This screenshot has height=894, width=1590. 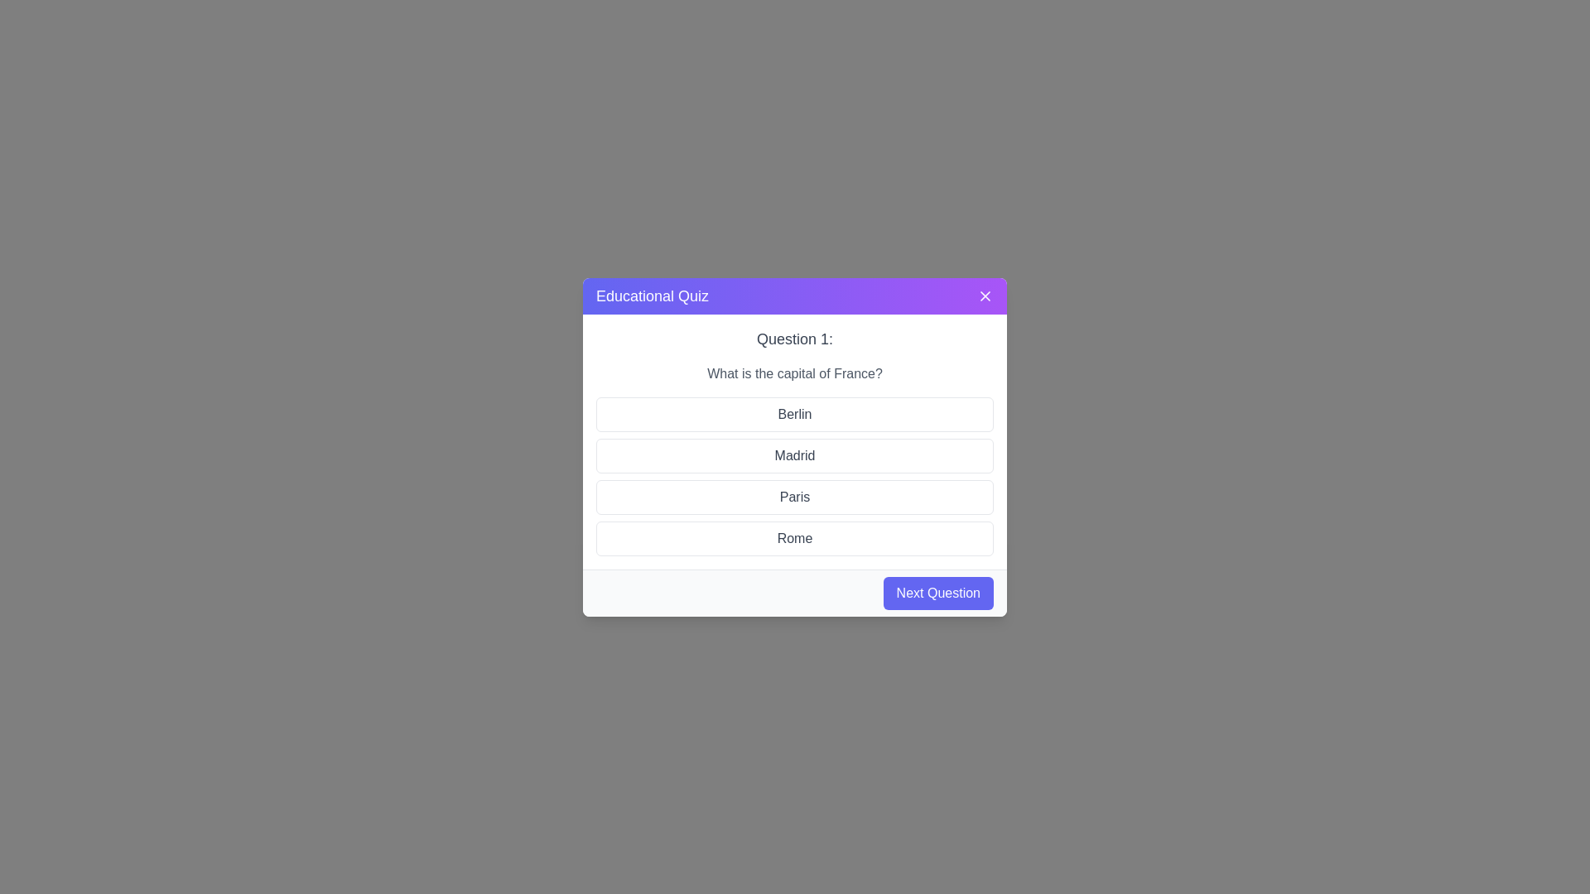 What do you see at coordinates (985, 295) in the screenshot?
I see `the close button, which is a diagonal cross icon located in the top-right corner of the purple header next to the 'Educational Quiz' text` at bounding box center [985, 295].